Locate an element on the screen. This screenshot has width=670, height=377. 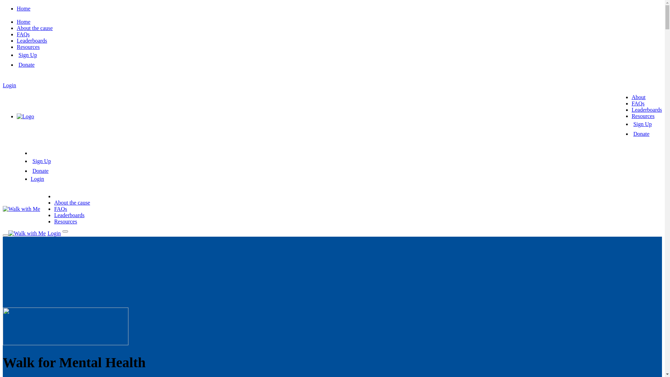
'Login' is located at coordinates (53, 233).